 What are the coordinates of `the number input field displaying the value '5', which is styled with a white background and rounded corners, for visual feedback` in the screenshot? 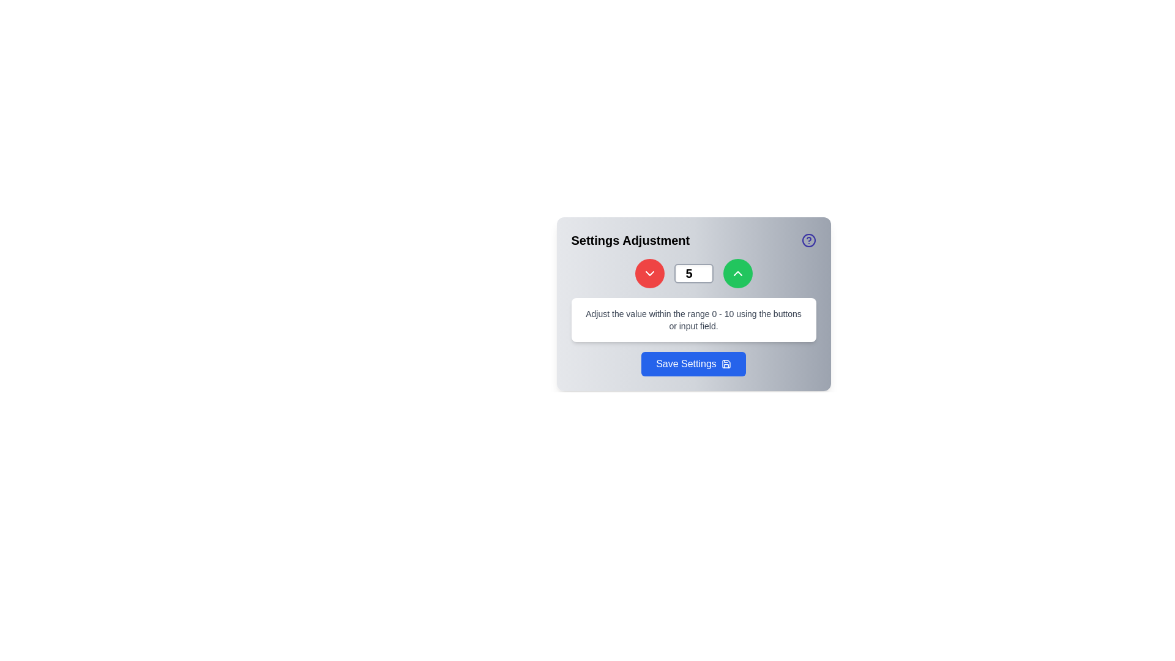 It's located at (693, 273).